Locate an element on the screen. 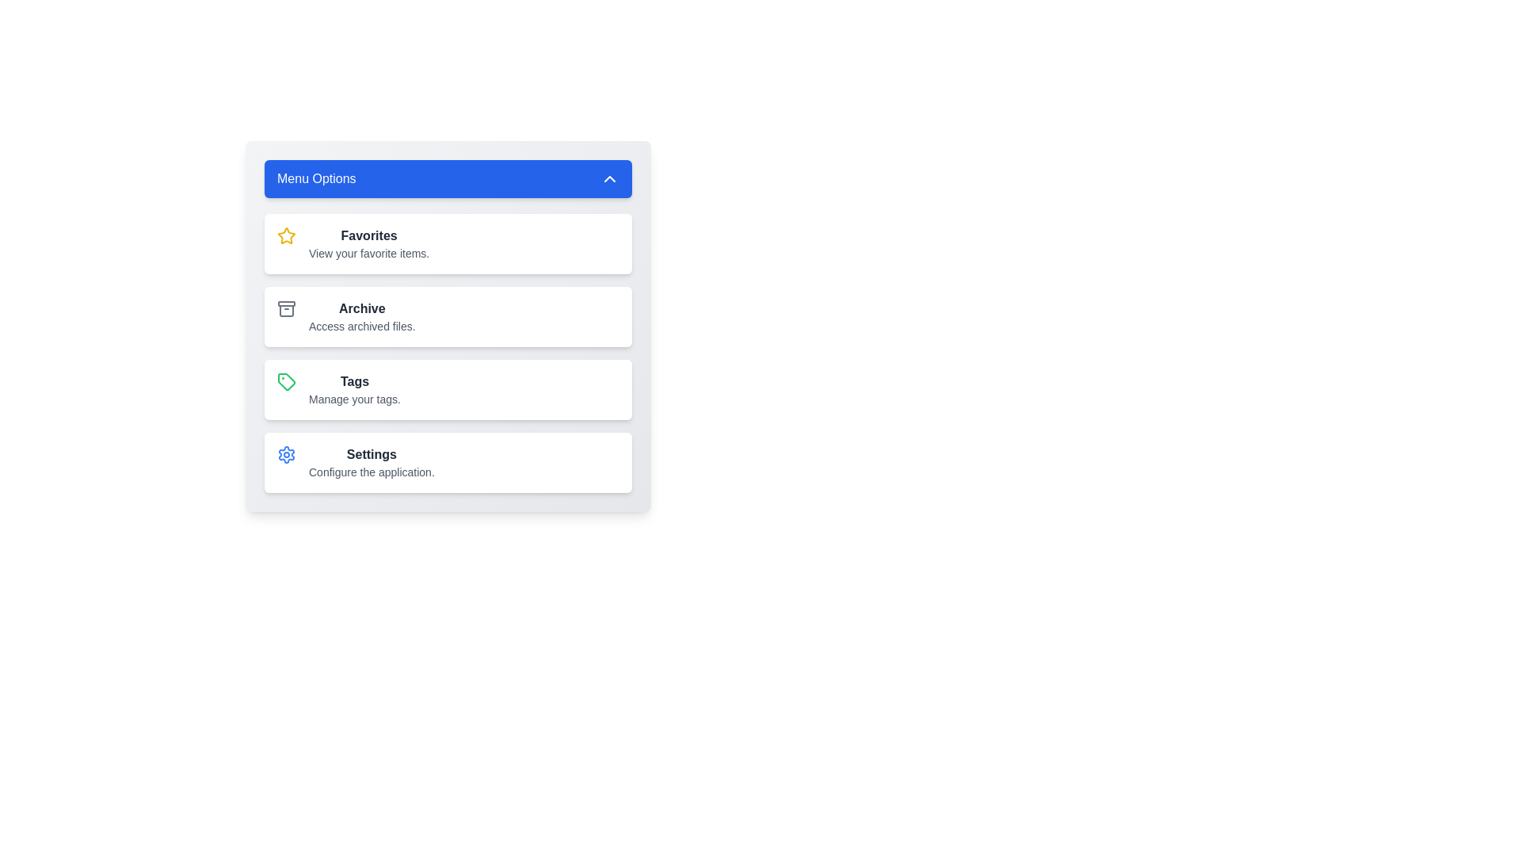 This screenshot has height=856, width=1521. the gear-like icon symbolizing settings is located at coordinates (286, 455).